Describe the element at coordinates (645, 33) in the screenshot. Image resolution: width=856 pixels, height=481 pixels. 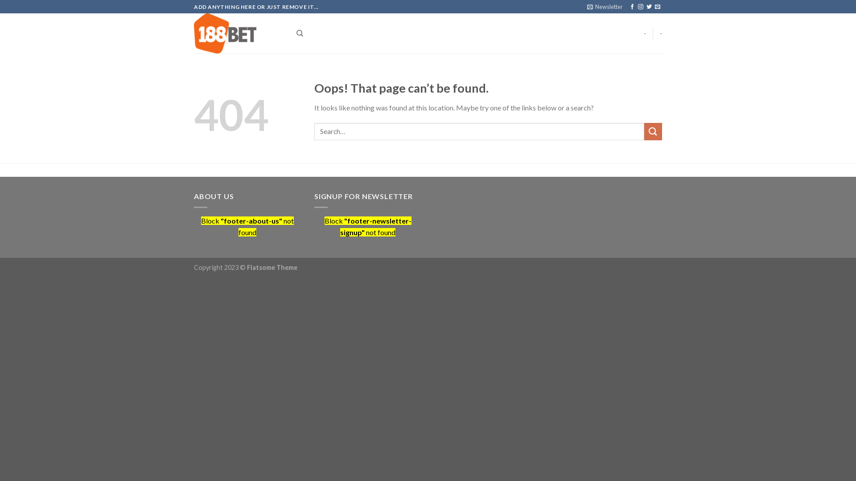
I see `'-'` at that location.